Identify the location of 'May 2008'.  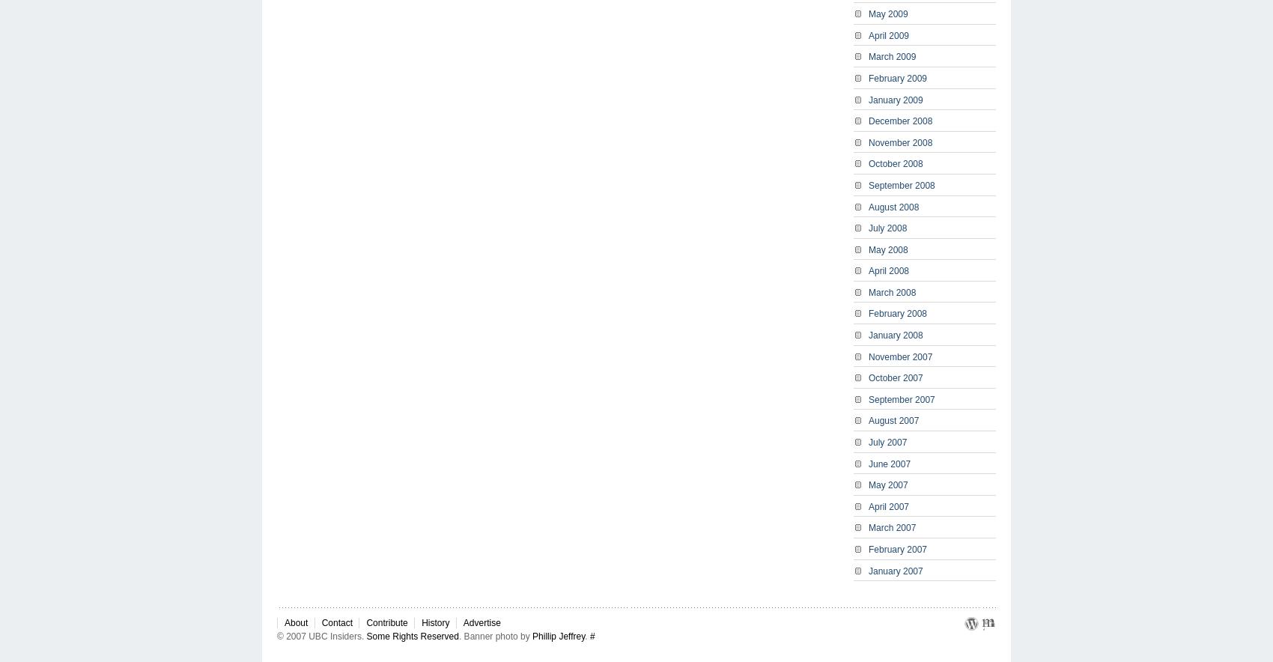
(887, 249).